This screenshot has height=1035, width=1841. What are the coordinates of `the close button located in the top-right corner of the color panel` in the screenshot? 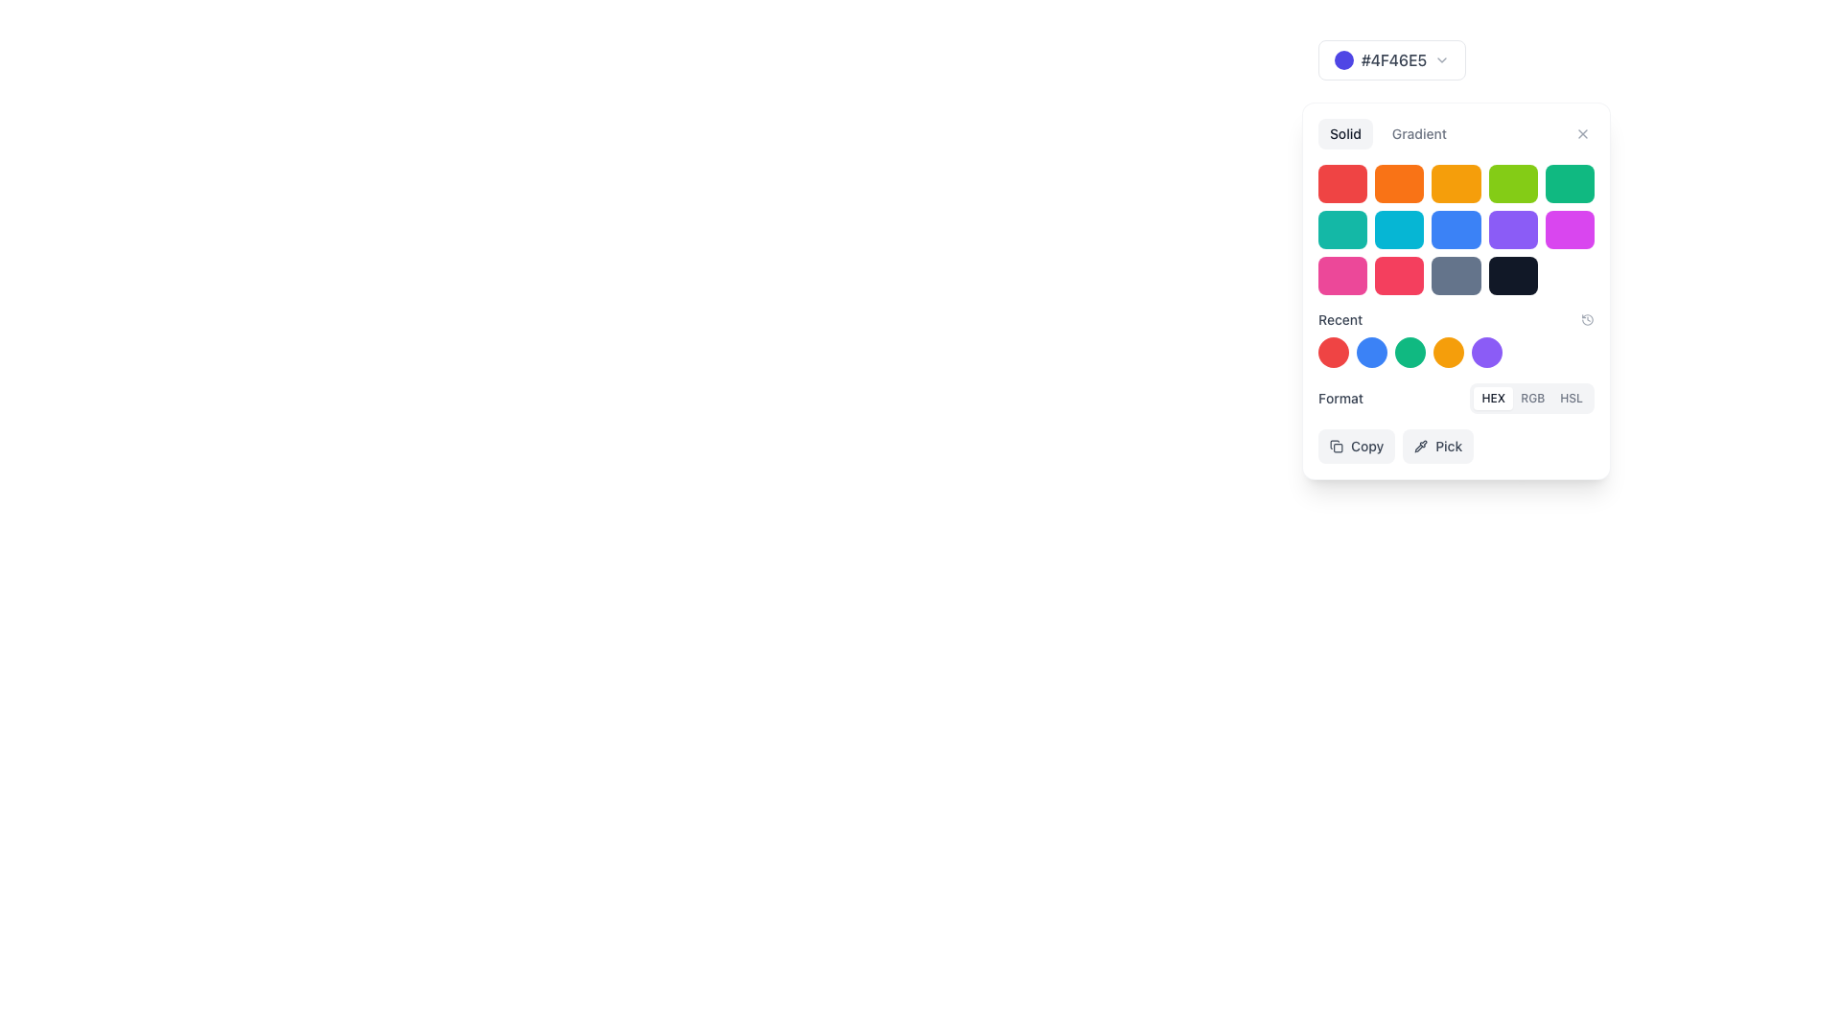 It's located at (1583, 132).